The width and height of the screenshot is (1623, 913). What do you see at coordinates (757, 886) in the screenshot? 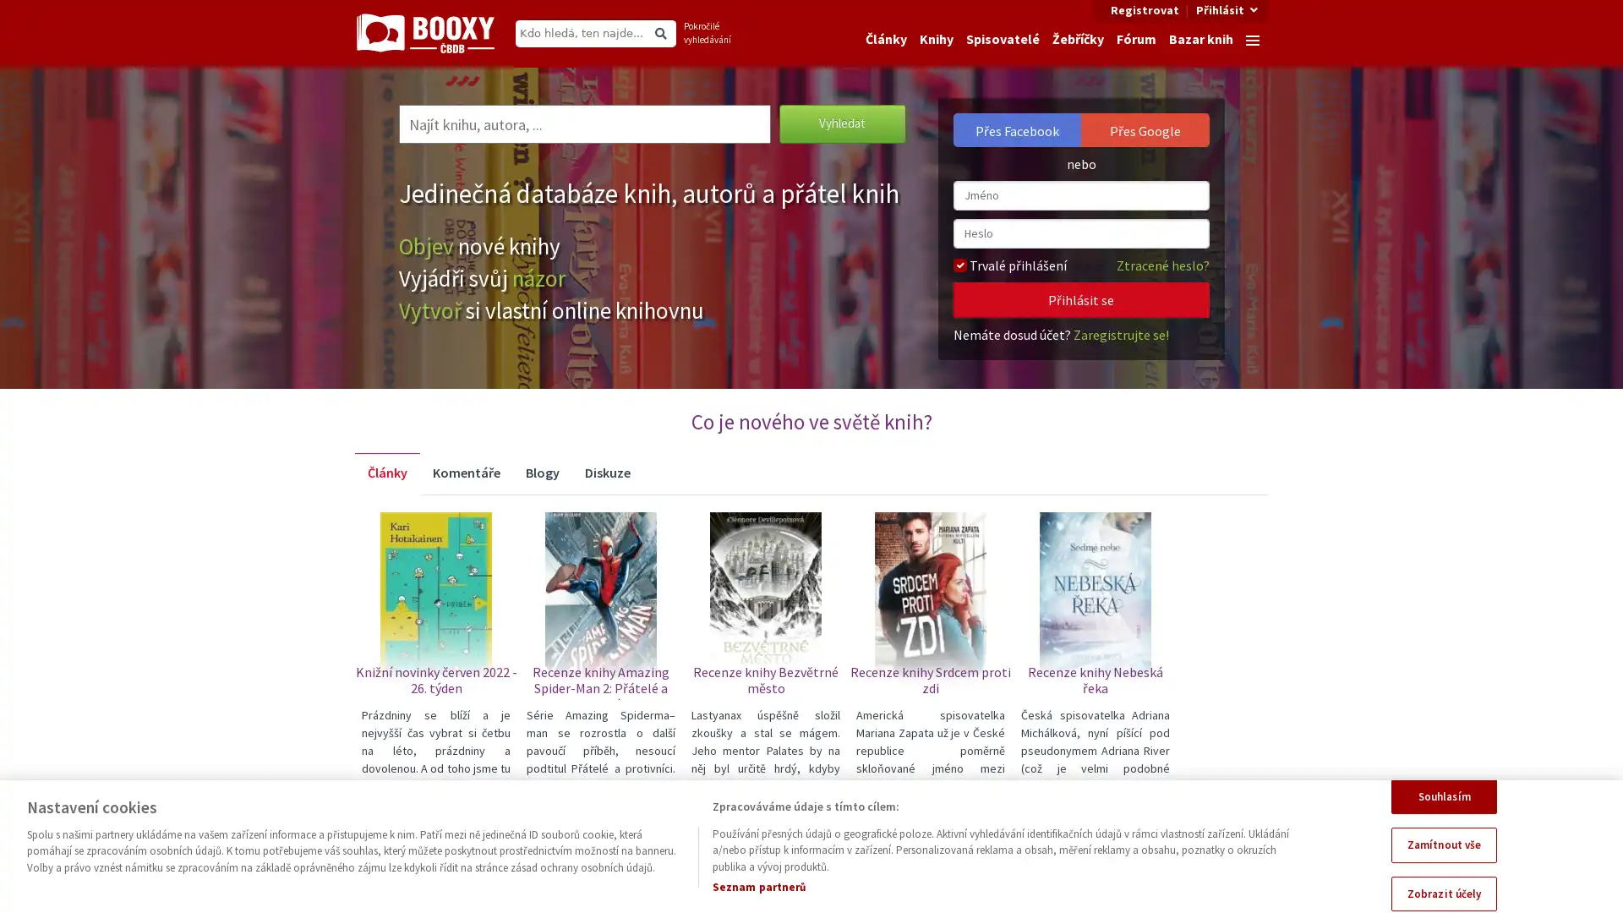
I see `Seznam partneru` at bounding box center [757, 886].